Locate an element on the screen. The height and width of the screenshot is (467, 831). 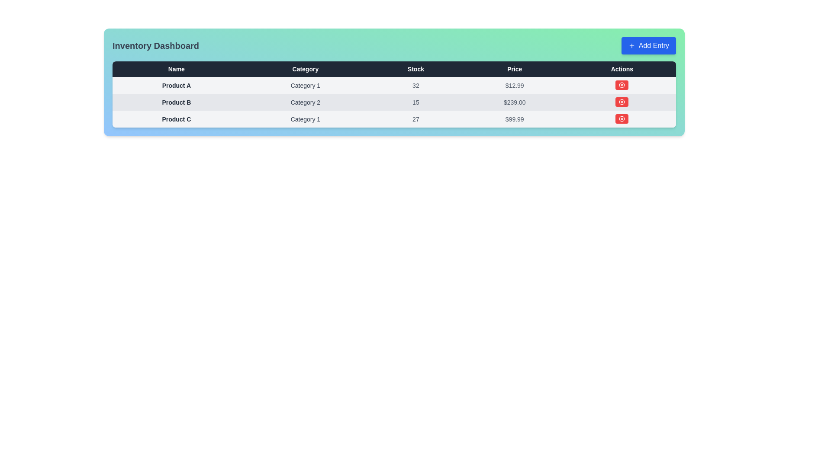
the circular red delete button located in the first row of the 'Actions' column of the inventory table is located at coordinates (622, 85).